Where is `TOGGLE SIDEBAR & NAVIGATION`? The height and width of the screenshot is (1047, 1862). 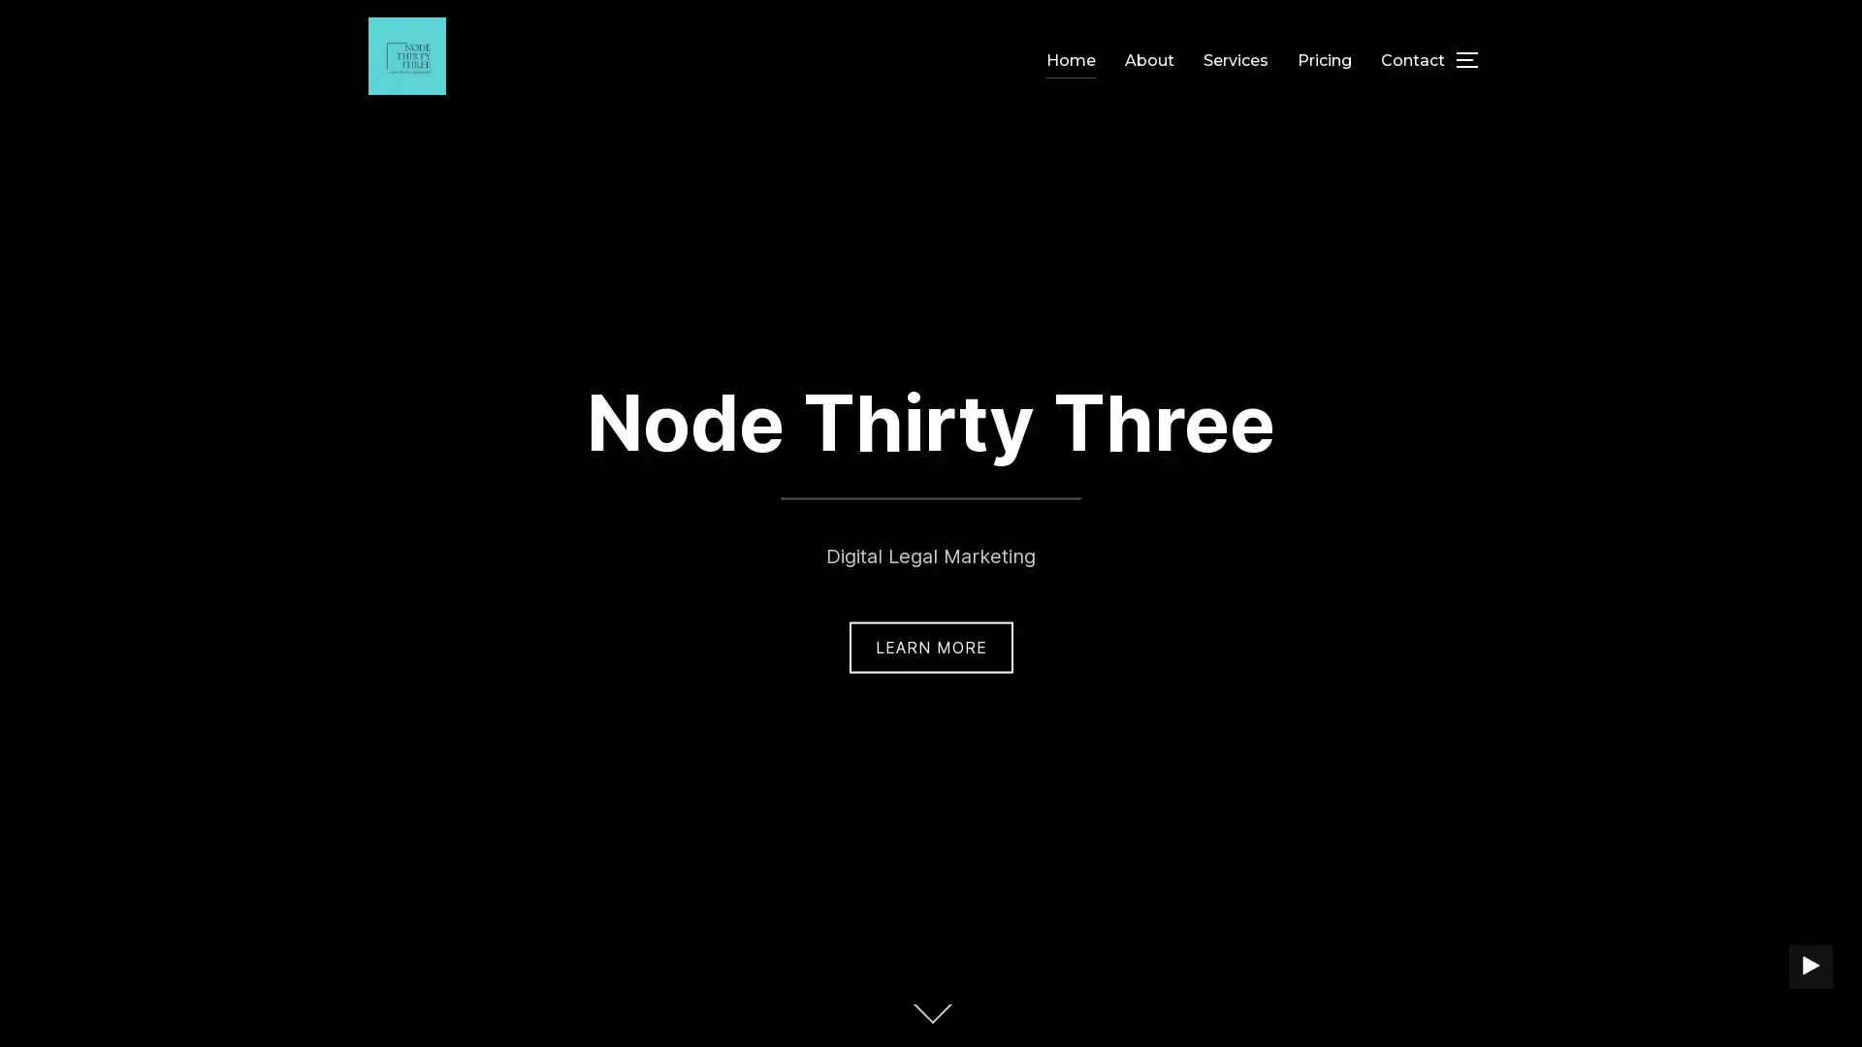
TOGGLE SIDEBAR & NAVIGATION is located at coordinates (1474, 58).